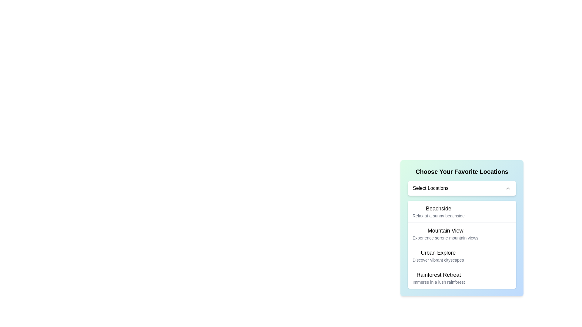  I want to click on the 'Urban Explore' option in the selection menu, so click(461, 244).